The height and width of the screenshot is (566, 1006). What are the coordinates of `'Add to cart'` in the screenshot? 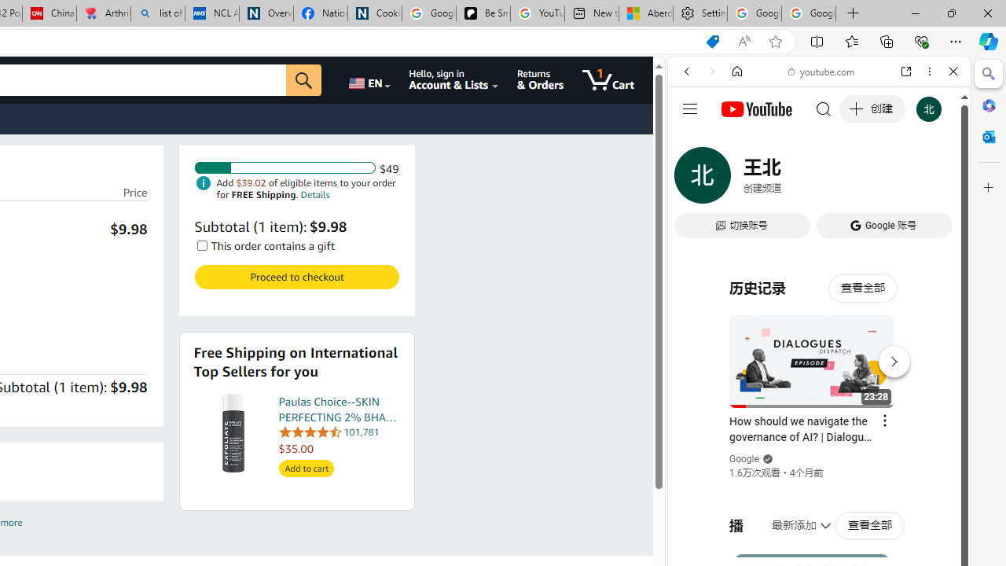 It's located at (306, 468).